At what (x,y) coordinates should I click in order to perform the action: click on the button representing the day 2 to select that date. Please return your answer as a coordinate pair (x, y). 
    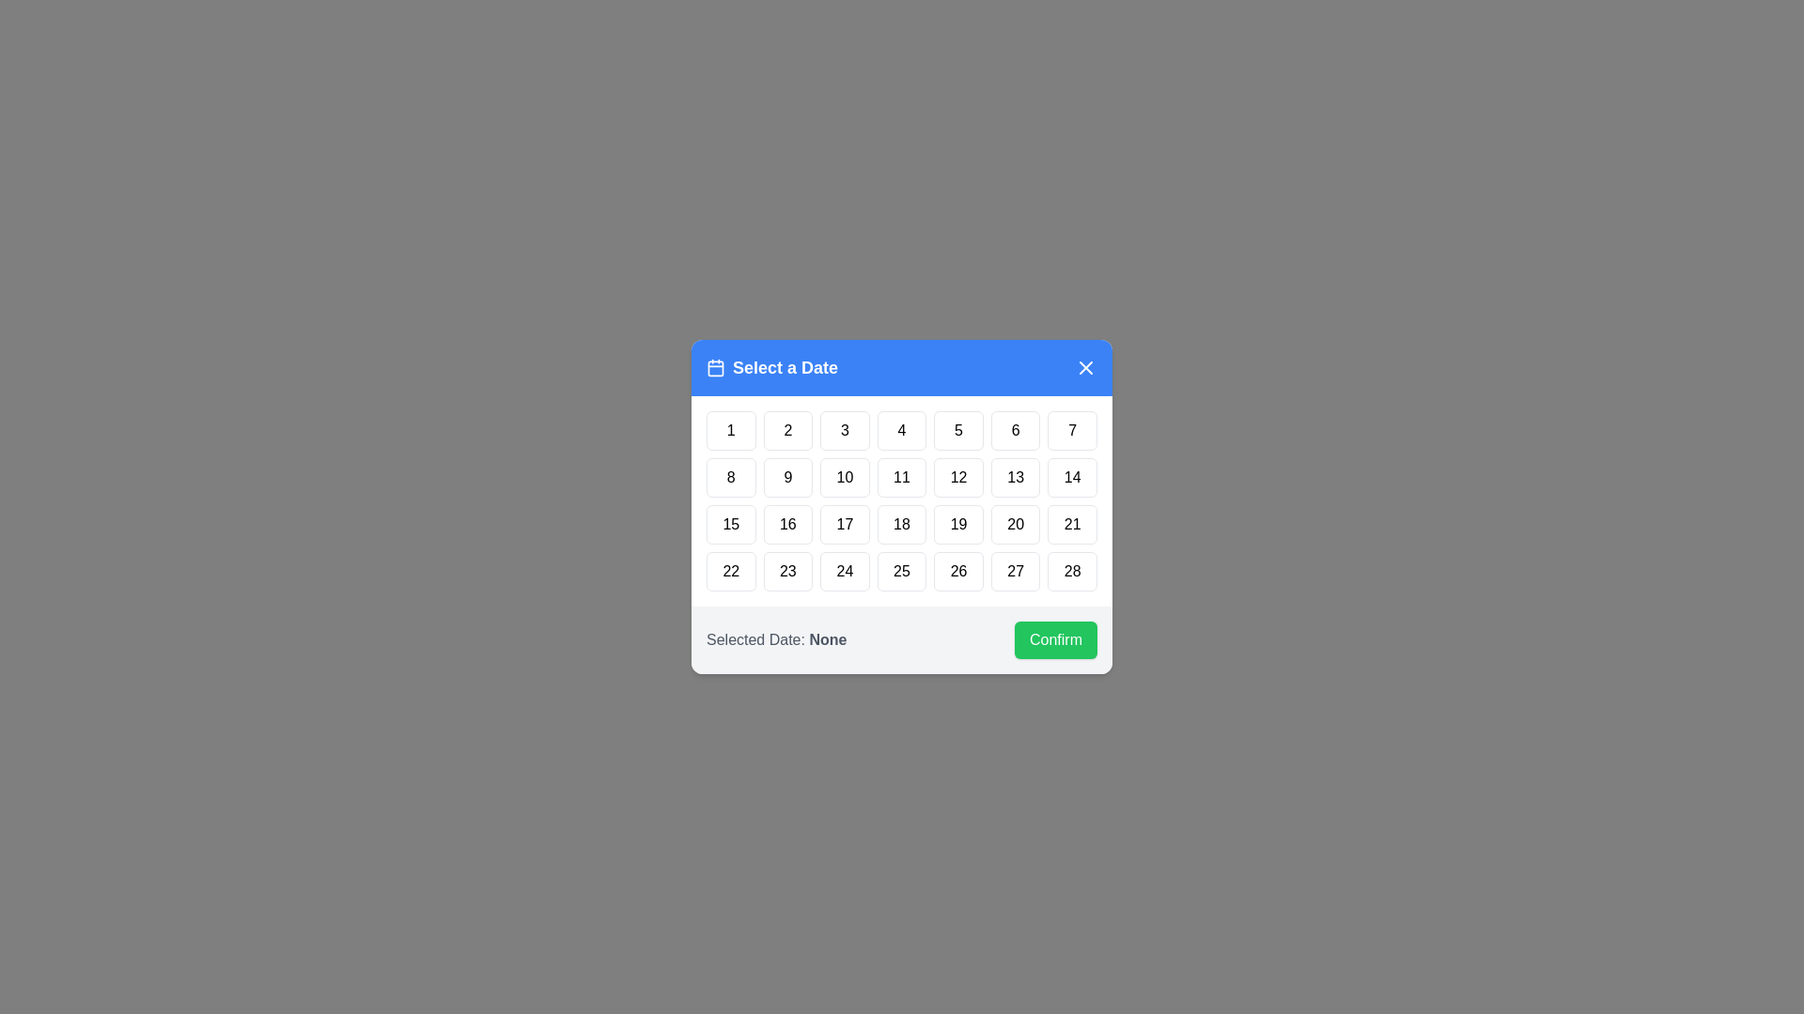
    Looking at the image, I should click on (788, 431).